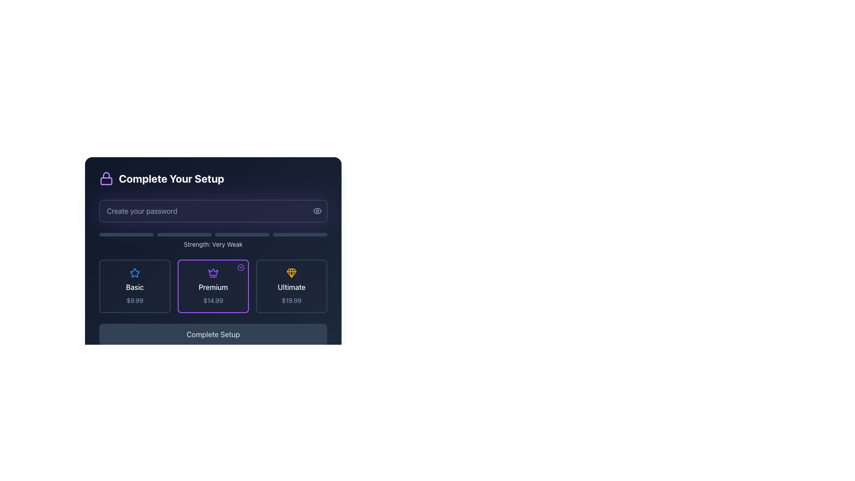 Image resolution: width=855 pixels, height=481 pixels. Describe the element at coordinates (291, 286) in the screenshot. I see `the 'Ultimate' subscription button, which is the rightmost block in the subscription options grid featuring an amber gem icon and the text 'Ultimate' in bold white font` at that location.